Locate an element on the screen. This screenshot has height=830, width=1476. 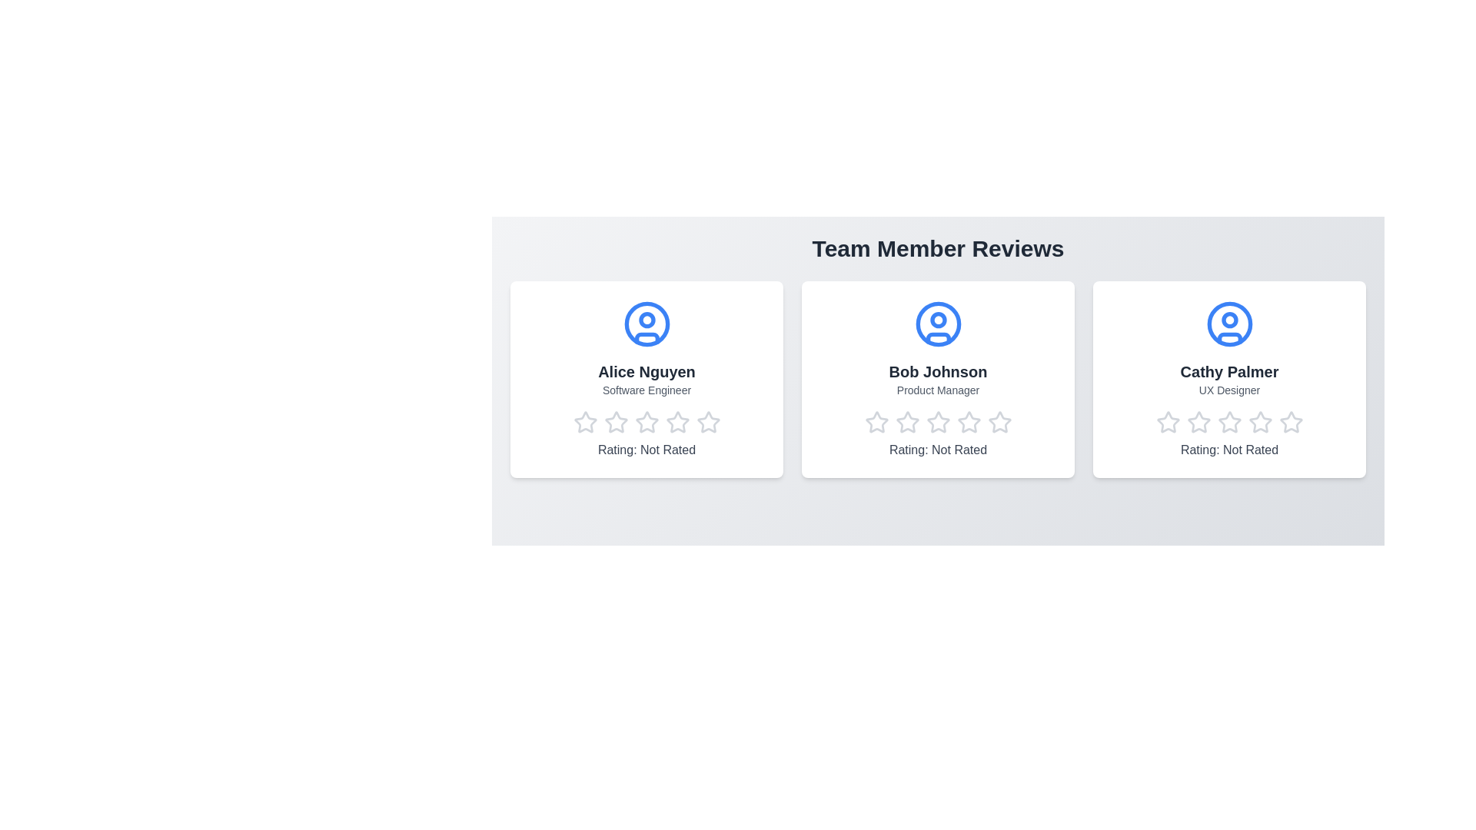
the card of the team member Cathy Palmer to view their details is located at coordinates (1228, 379).